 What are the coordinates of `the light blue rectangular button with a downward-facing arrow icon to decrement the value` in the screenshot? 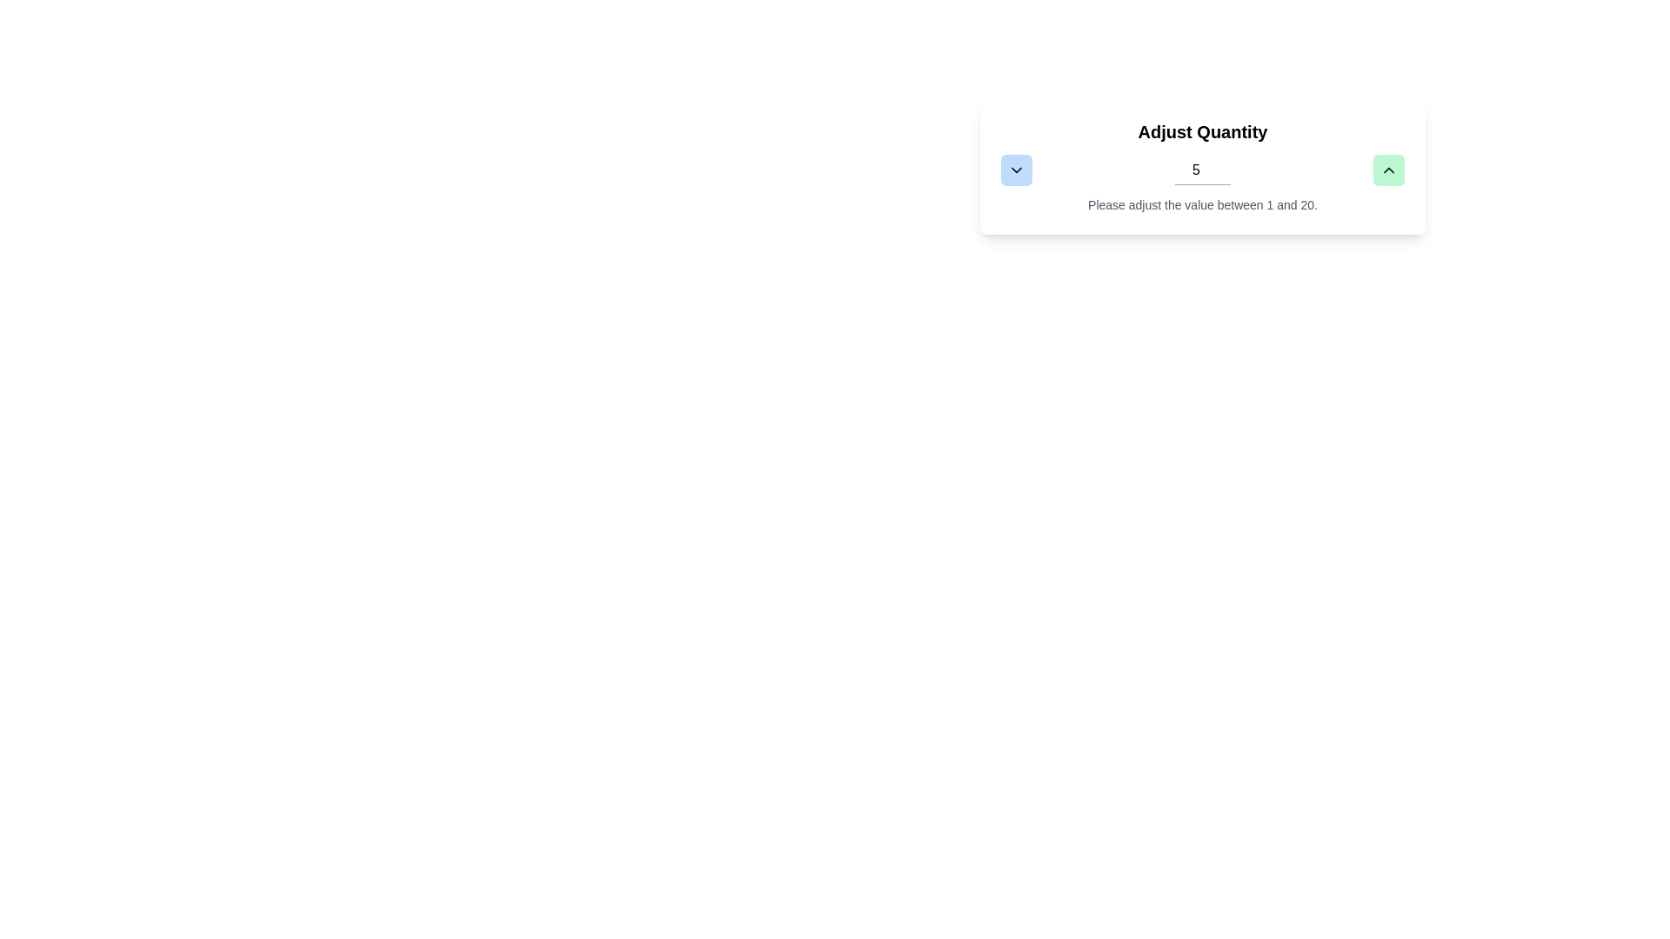 It's located at (1017, 170).